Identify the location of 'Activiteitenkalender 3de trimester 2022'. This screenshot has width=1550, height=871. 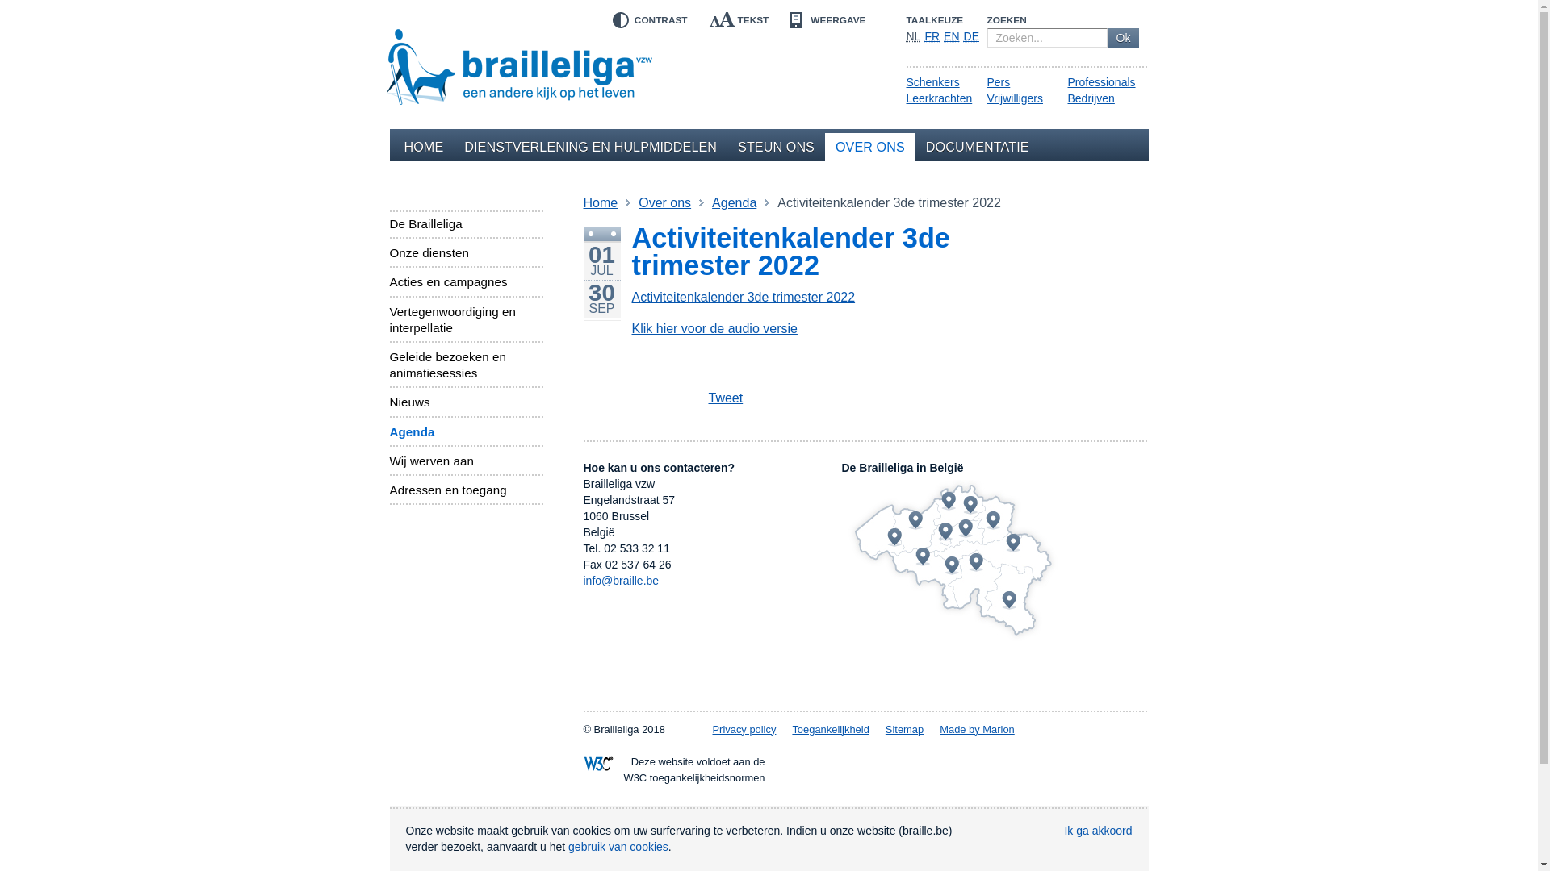
(742, 297).